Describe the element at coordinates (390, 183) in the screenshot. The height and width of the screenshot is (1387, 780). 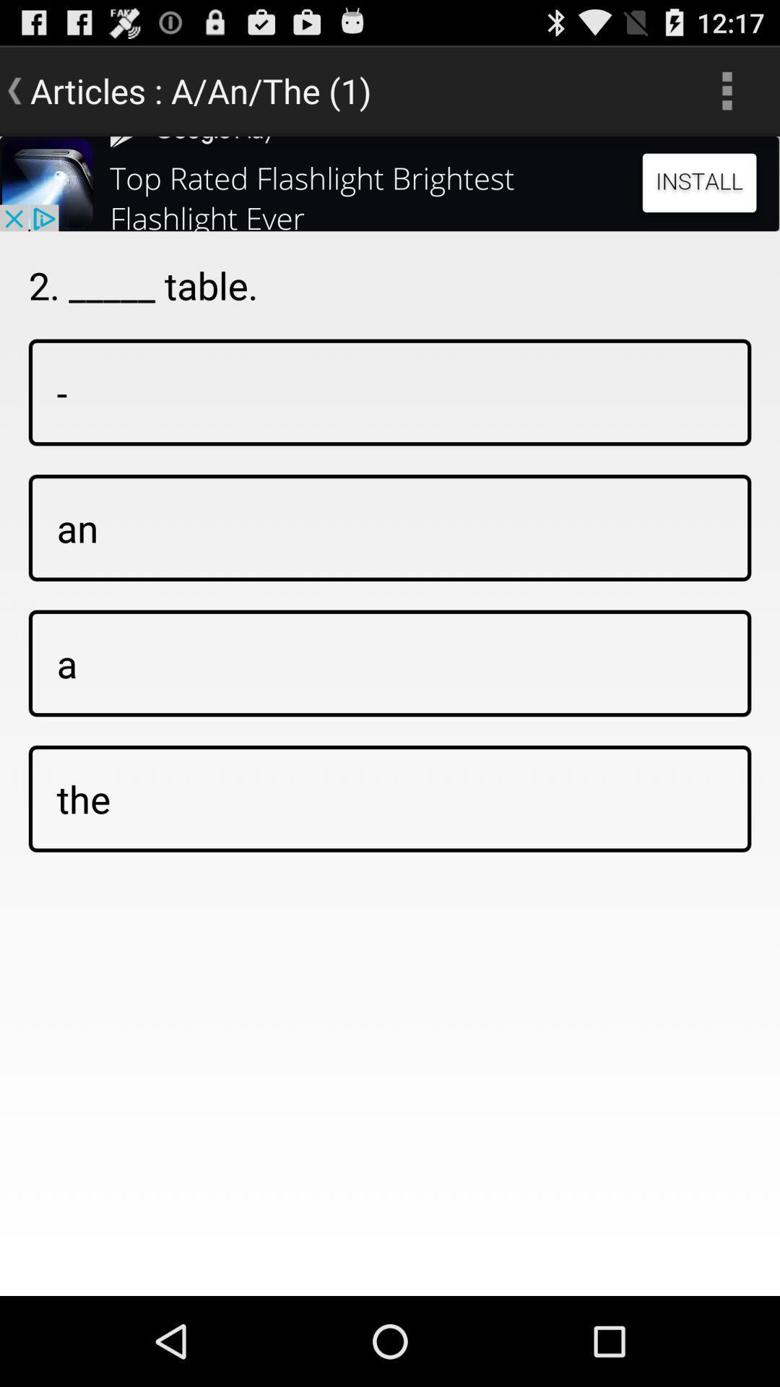
I see `click install` at that location.